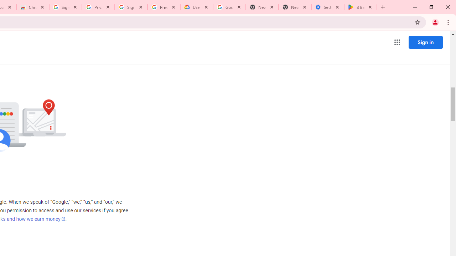  Describe the element at coordinates (91, 210) in the screenshot. I see `'services'` at that location.